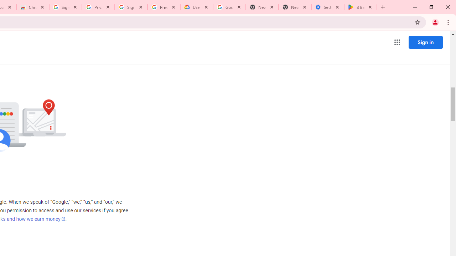  Describe the element at coordinates (91, 210) in the screenshot. I see `'services'` at that location.